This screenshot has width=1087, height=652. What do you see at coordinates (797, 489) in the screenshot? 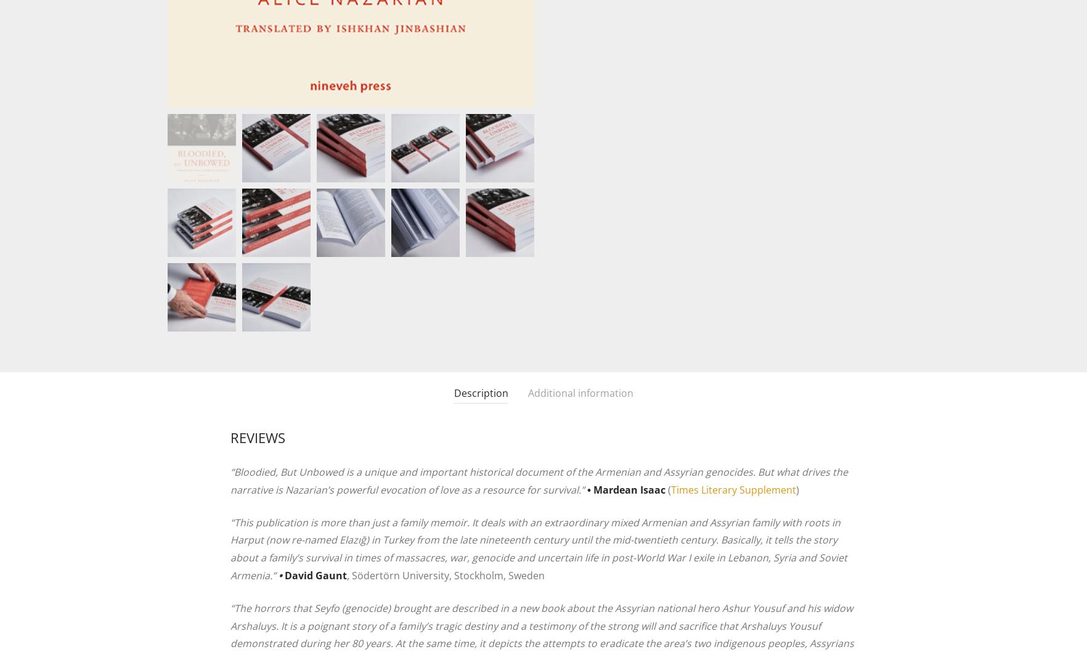
I see `')'` at bounding box center [797, 489].